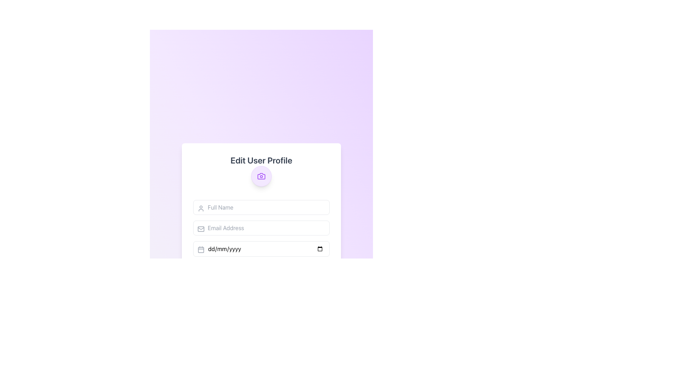 The image size is (682, 383). I want to click on camera icon element located at the top portion of the camera icon, which has a purple outline on a light purple background, so click(261, 176).